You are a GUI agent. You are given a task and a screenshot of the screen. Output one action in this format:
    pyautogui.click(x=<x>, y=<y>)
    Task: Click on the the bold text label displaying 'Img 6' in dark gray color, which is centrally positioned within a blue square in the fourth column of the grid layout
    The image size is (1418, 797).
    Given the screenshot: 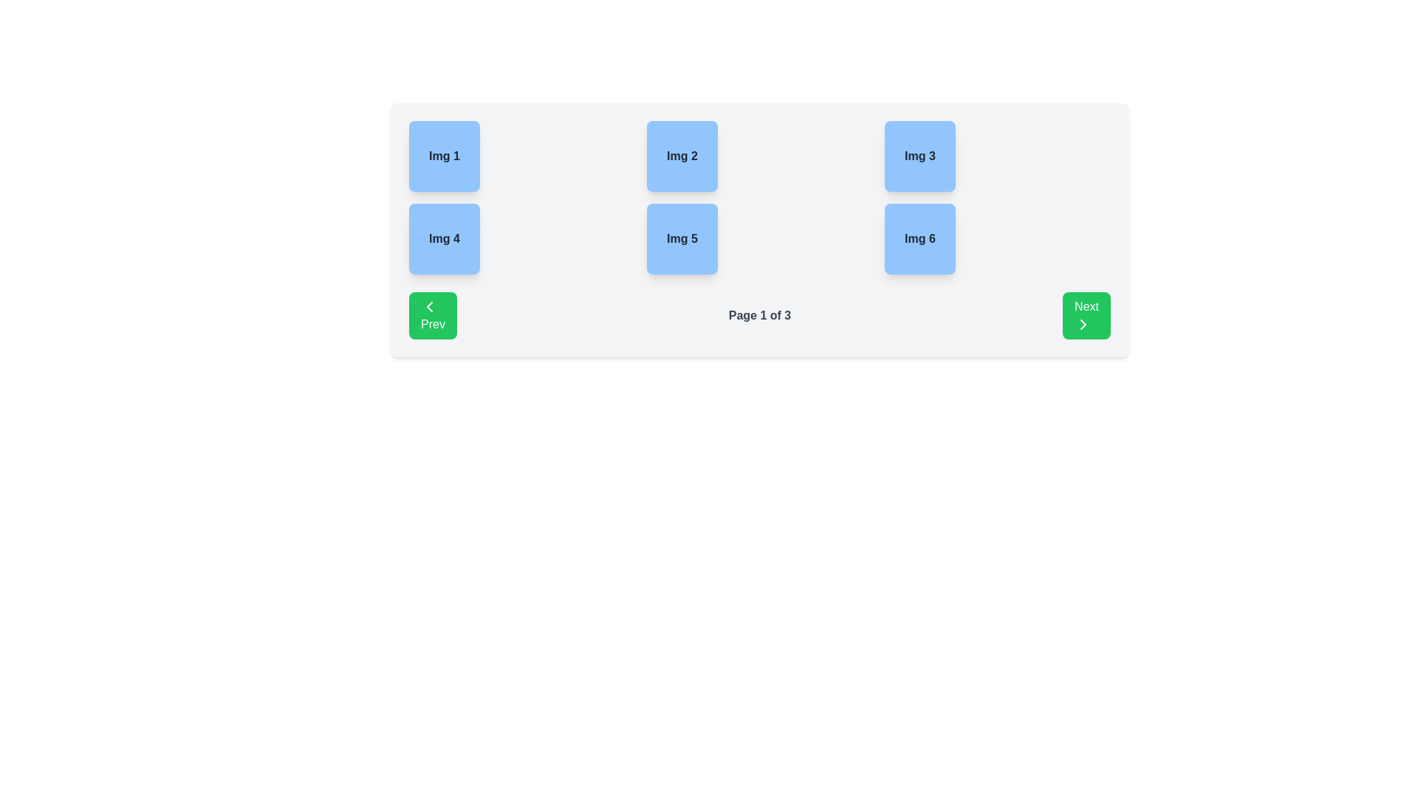 What is the action you would take?
    pyautogui.click(x=919, y=238)
    